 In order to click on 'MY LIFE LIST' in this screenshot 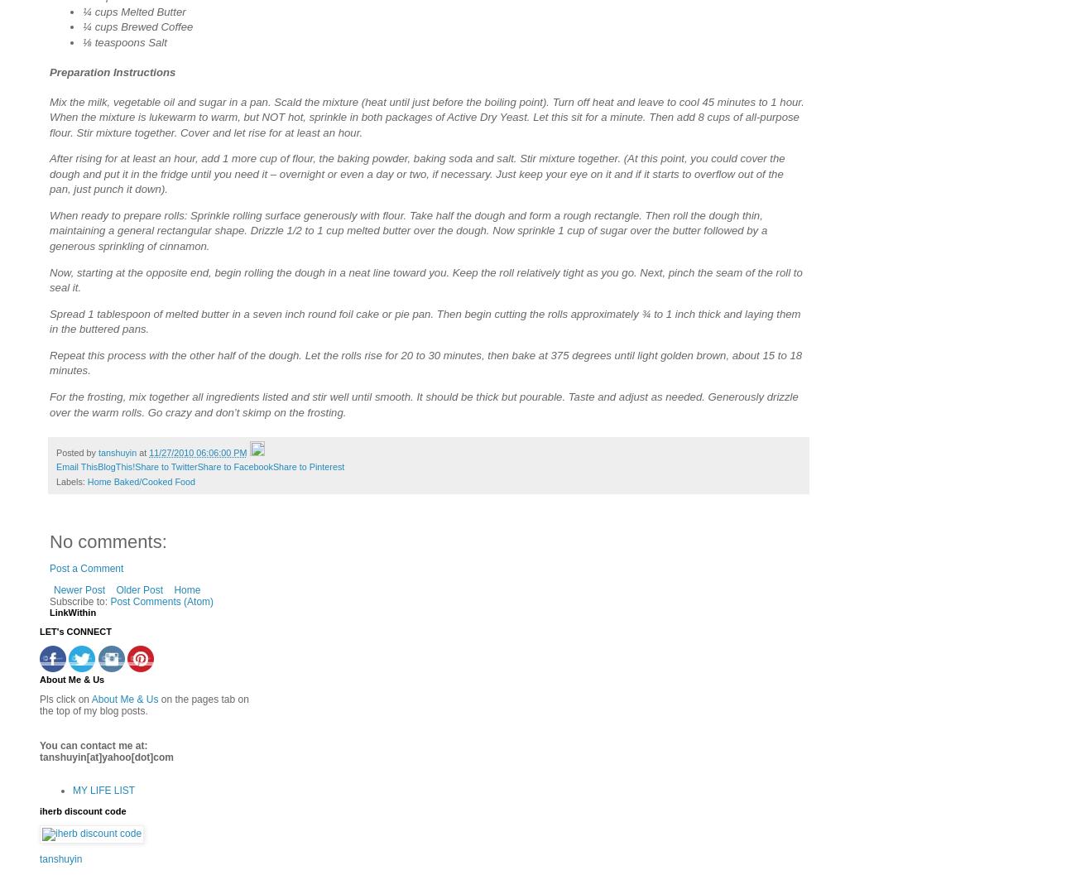, I will do `click(103, 790)`.